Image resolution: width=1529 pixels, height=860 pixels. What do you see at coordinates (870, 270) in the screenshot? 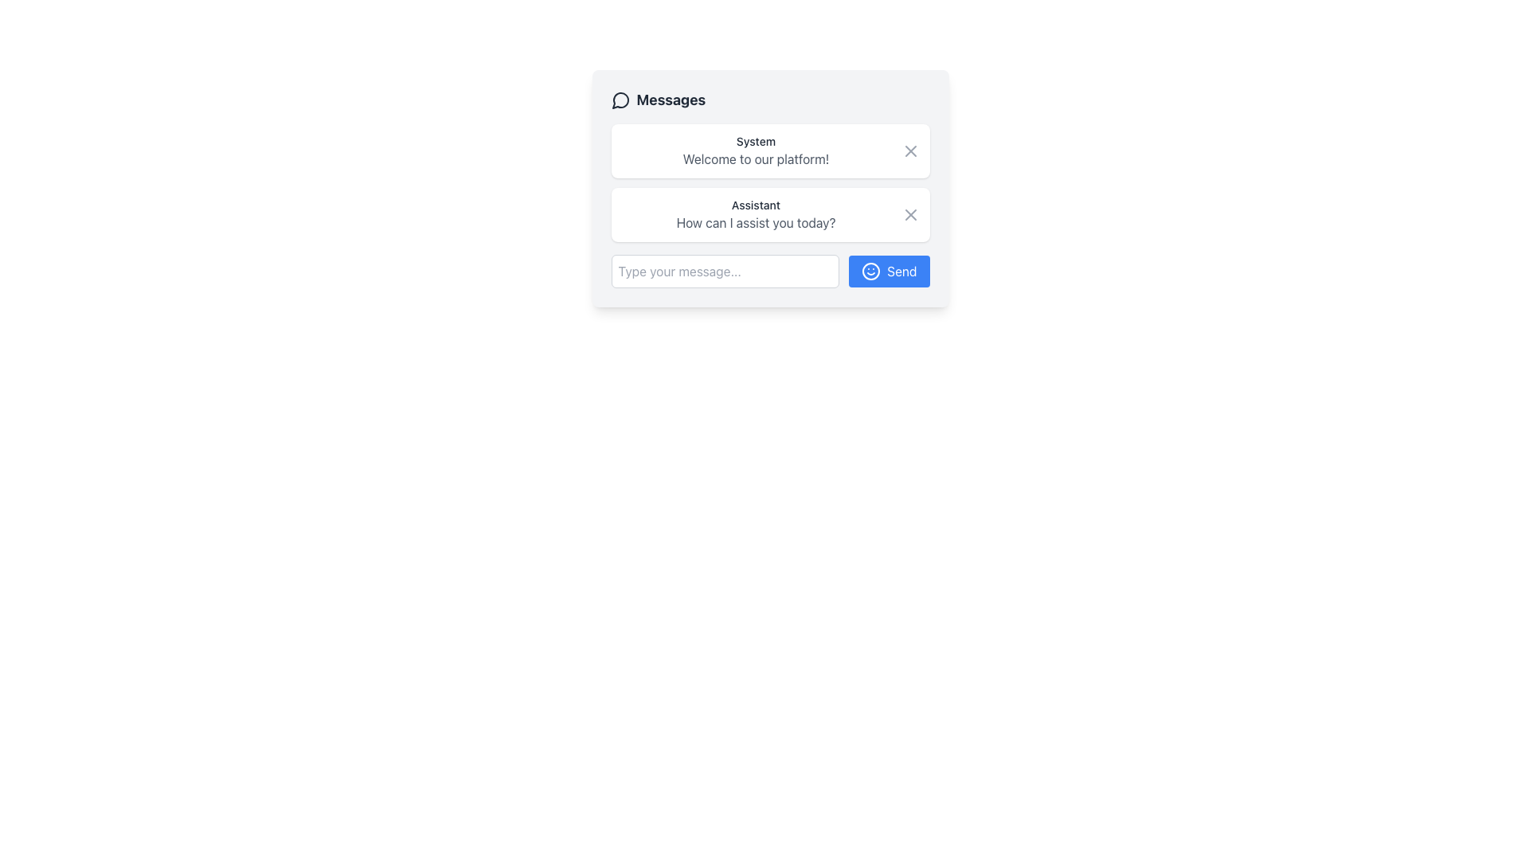
I see `the cheerful icon associated with the 'Send' button located at the bottom right of the chat interface` at bounding box center [870, 270].